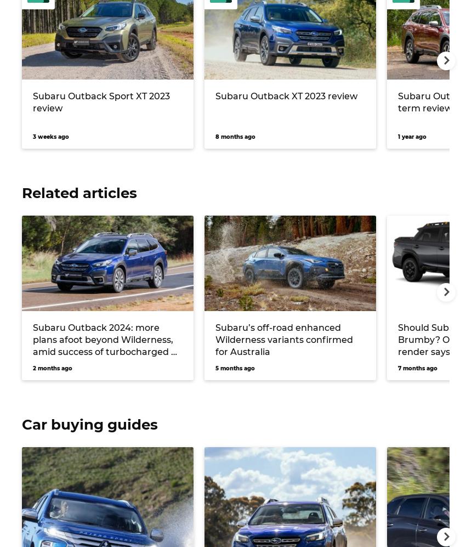 The height and width of the screenshot is (547, 466). What do you see at coordinates (50, 136) in the screenshot?
I see `'3 weeks ago'` at bounding box center [50, 136].